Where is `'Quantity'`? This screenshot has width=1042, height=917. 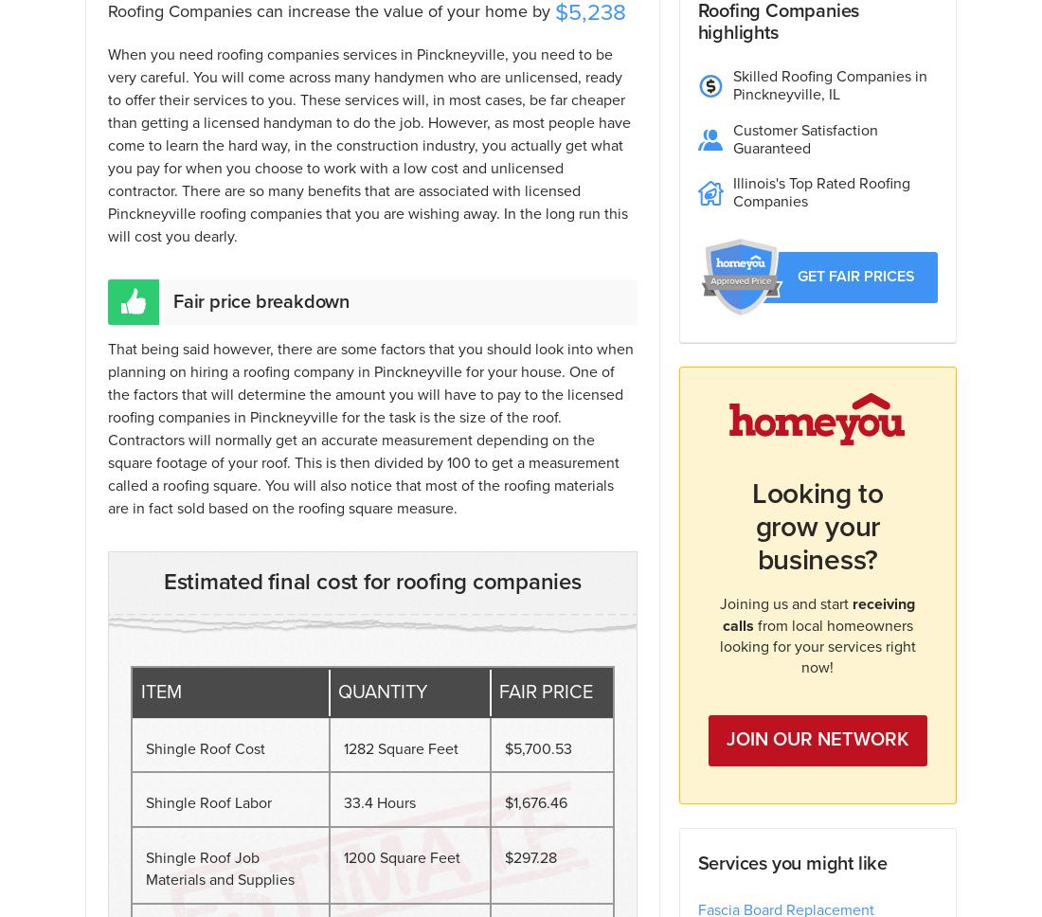 'Quantity' is located at coordinates (382, 692).